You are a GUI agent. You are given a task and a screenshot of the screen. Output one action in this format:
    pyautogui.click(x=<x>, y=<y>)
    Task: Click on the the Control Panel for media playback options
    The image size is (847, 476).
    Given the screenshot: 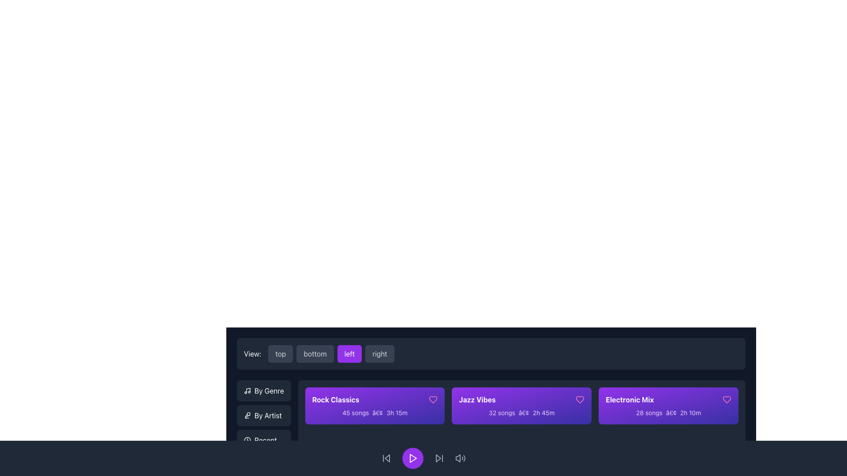 What is the action you would take?
    pyautogui.click(x=423, y=458)
    